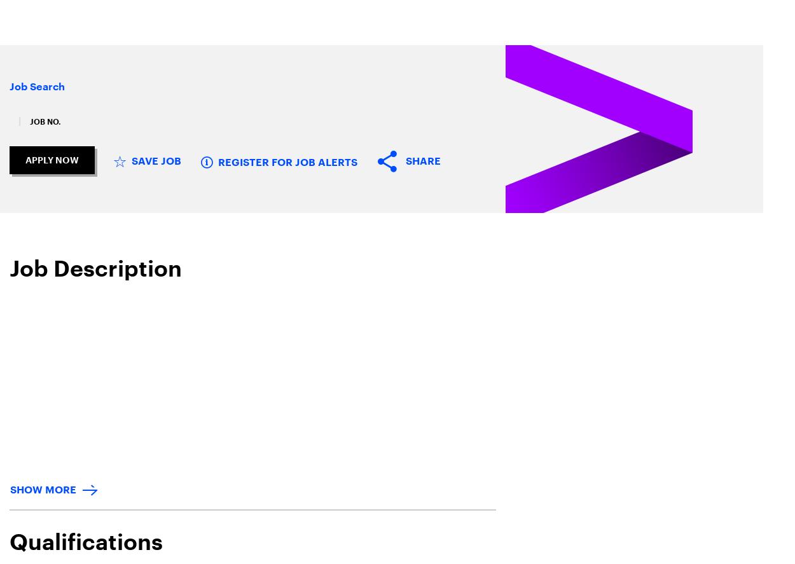  What do you see at coordinates (202, 21) in the screenshot?
I see `'Services'` at bounding box center [202, 21].